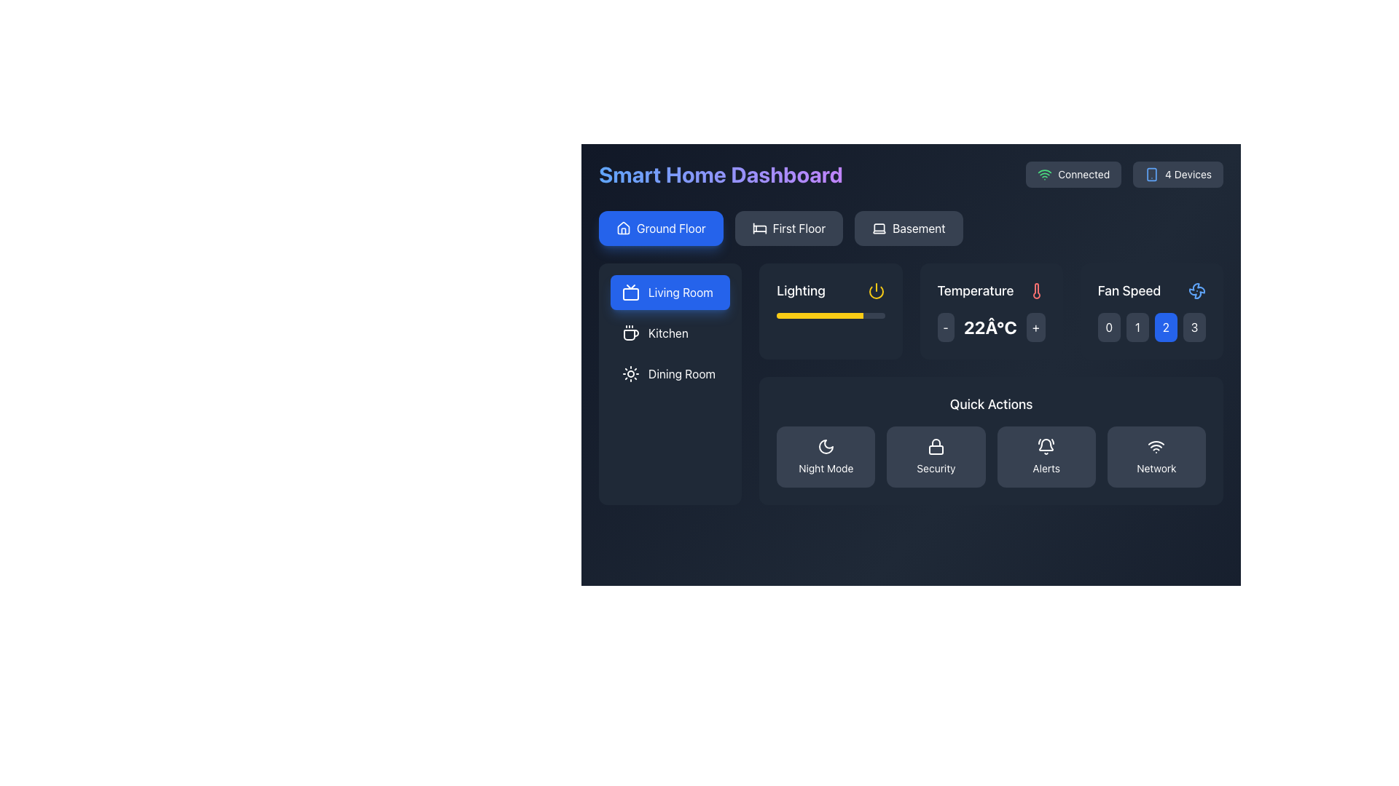 The width and height of the screenshot is (1399, 786). I want to click on the Kitchen icon, which is the leading element in the layout, positioned to the left of the 'Kitchen' text label, so click(630, 333).